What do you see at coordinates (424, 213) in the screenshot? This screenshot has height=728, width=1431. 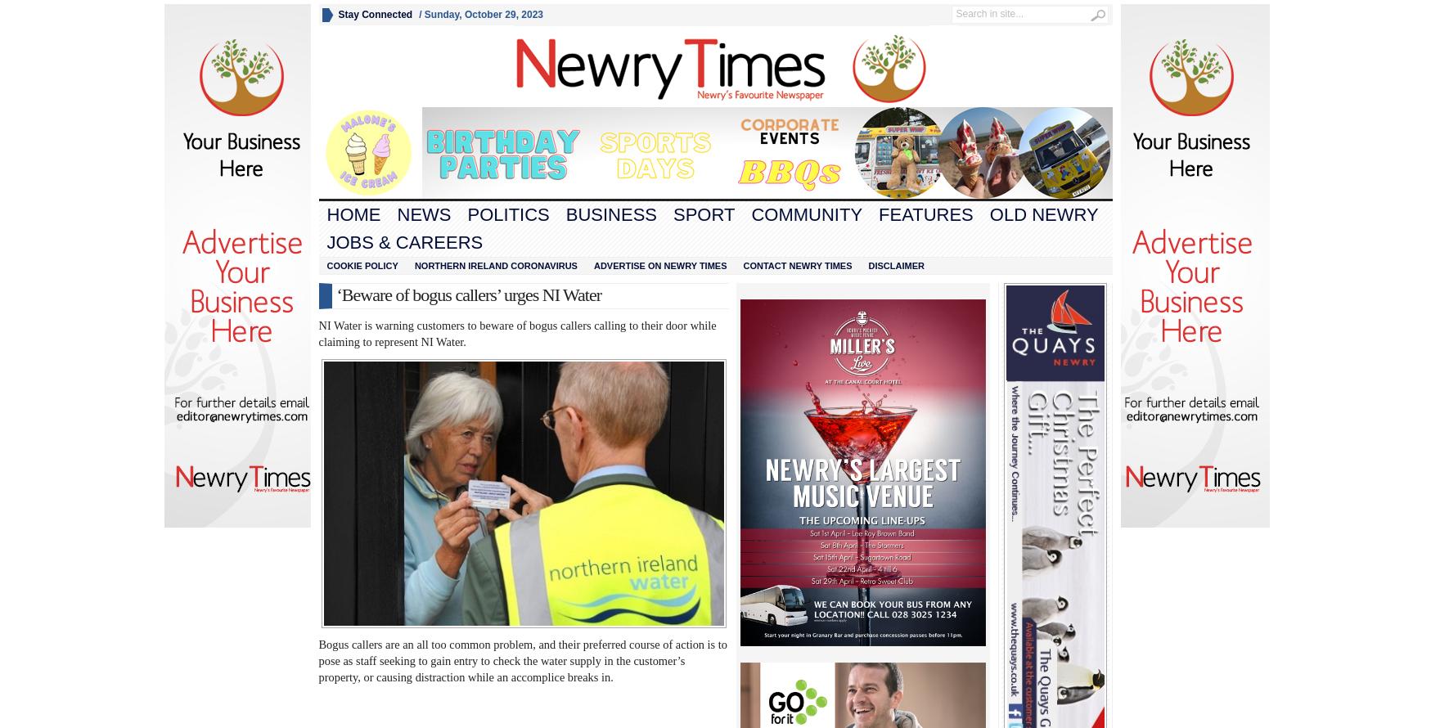 I see `'News'` at bounding box center [424, 213].